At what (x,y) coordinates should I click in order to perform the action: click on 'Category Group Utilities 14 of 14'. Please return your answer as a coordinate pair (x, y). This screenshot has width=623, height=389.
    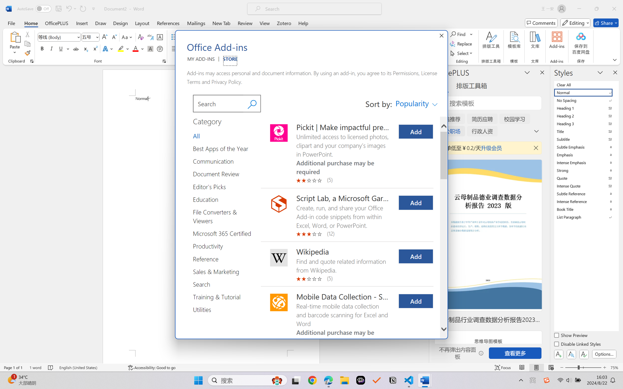
    Looking at the image, I should click on (204, 309).